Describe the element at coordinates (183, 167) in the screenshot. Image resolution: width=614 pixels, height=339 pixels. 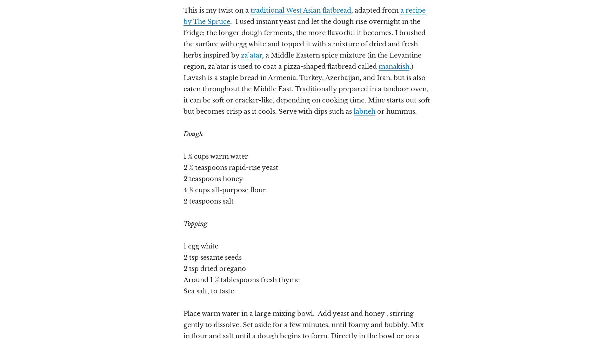
I see `'2 ¼ teaspoons rapid-rise yeast'` at that location.